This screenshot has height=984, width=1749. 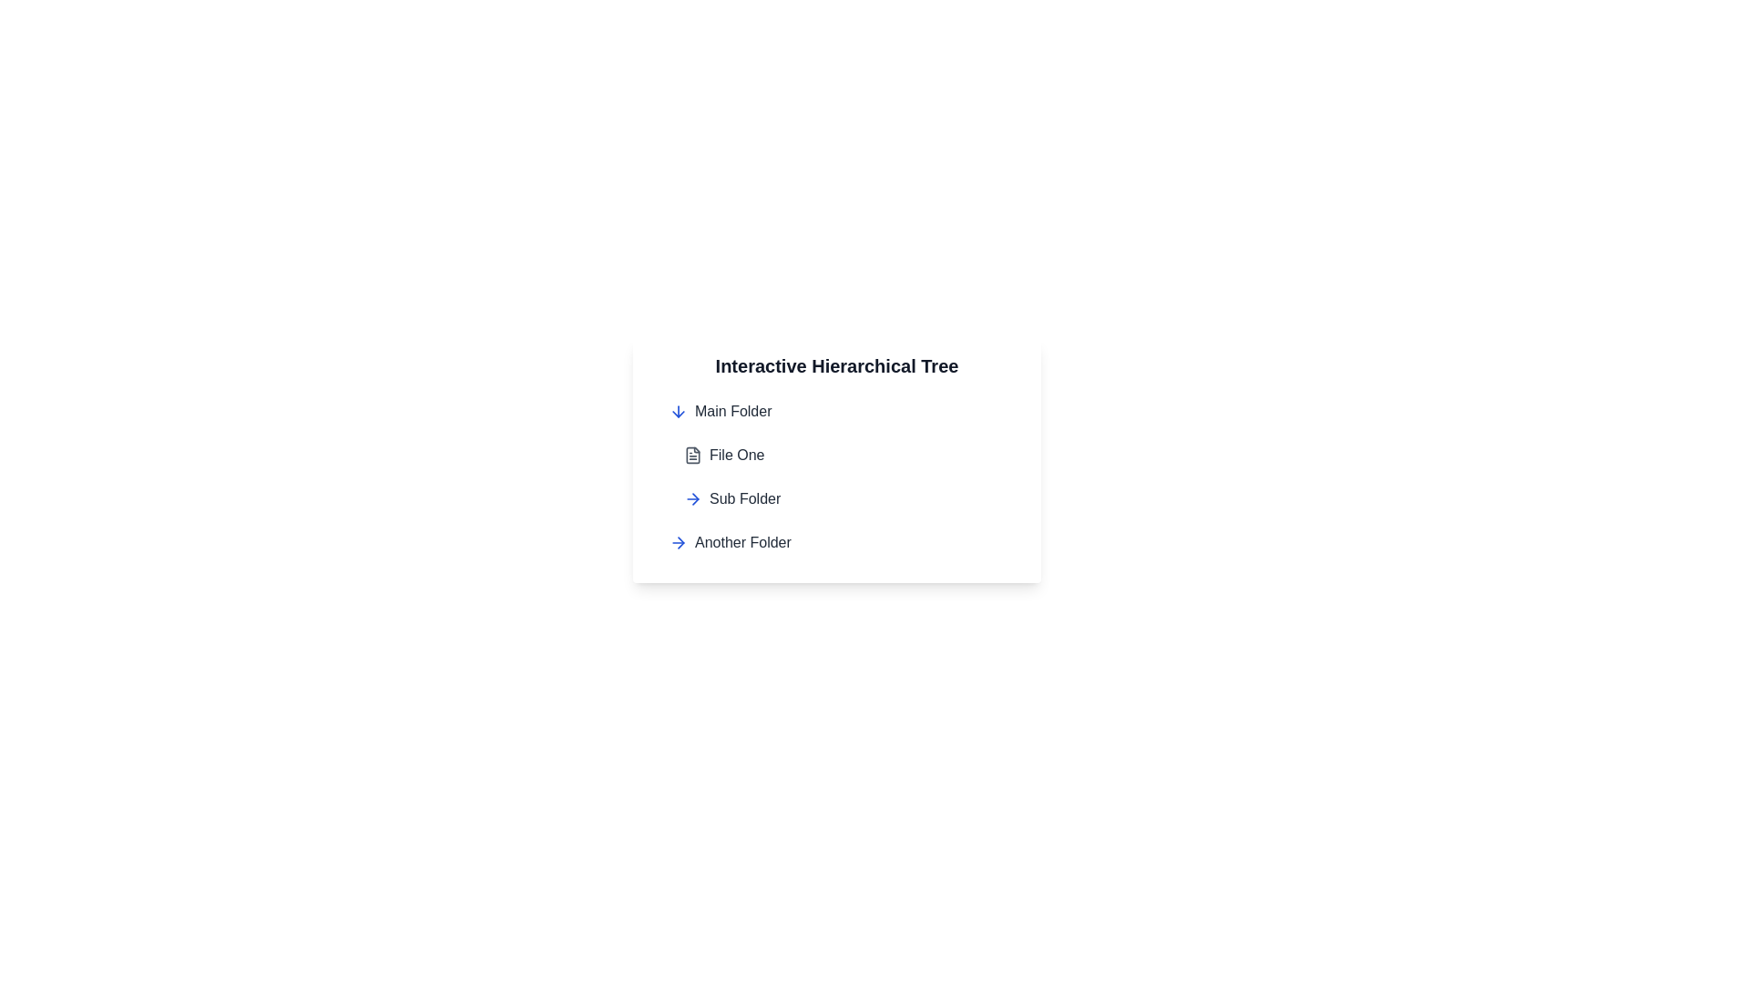 What do you see at coordinates (692, 455) in the screenshot?
I see `the 'File One' icon in the hierarchical tree structure, which is positioned below 'Main Folder' and above 'Sub Folder'` at bounding box center [692, 455].